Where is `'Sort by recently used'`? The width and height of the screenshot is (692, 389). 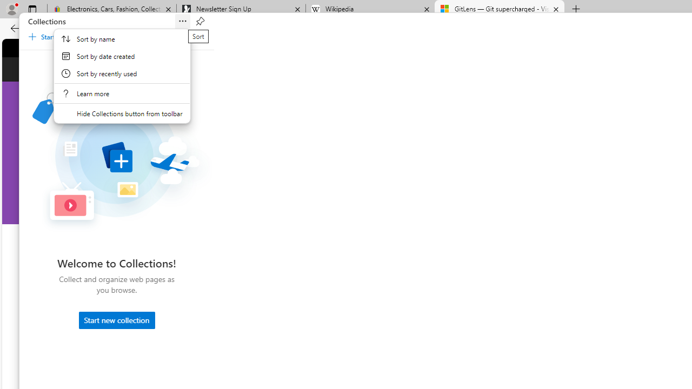 'Sort by recently used' is located at coordinates (122, 73).